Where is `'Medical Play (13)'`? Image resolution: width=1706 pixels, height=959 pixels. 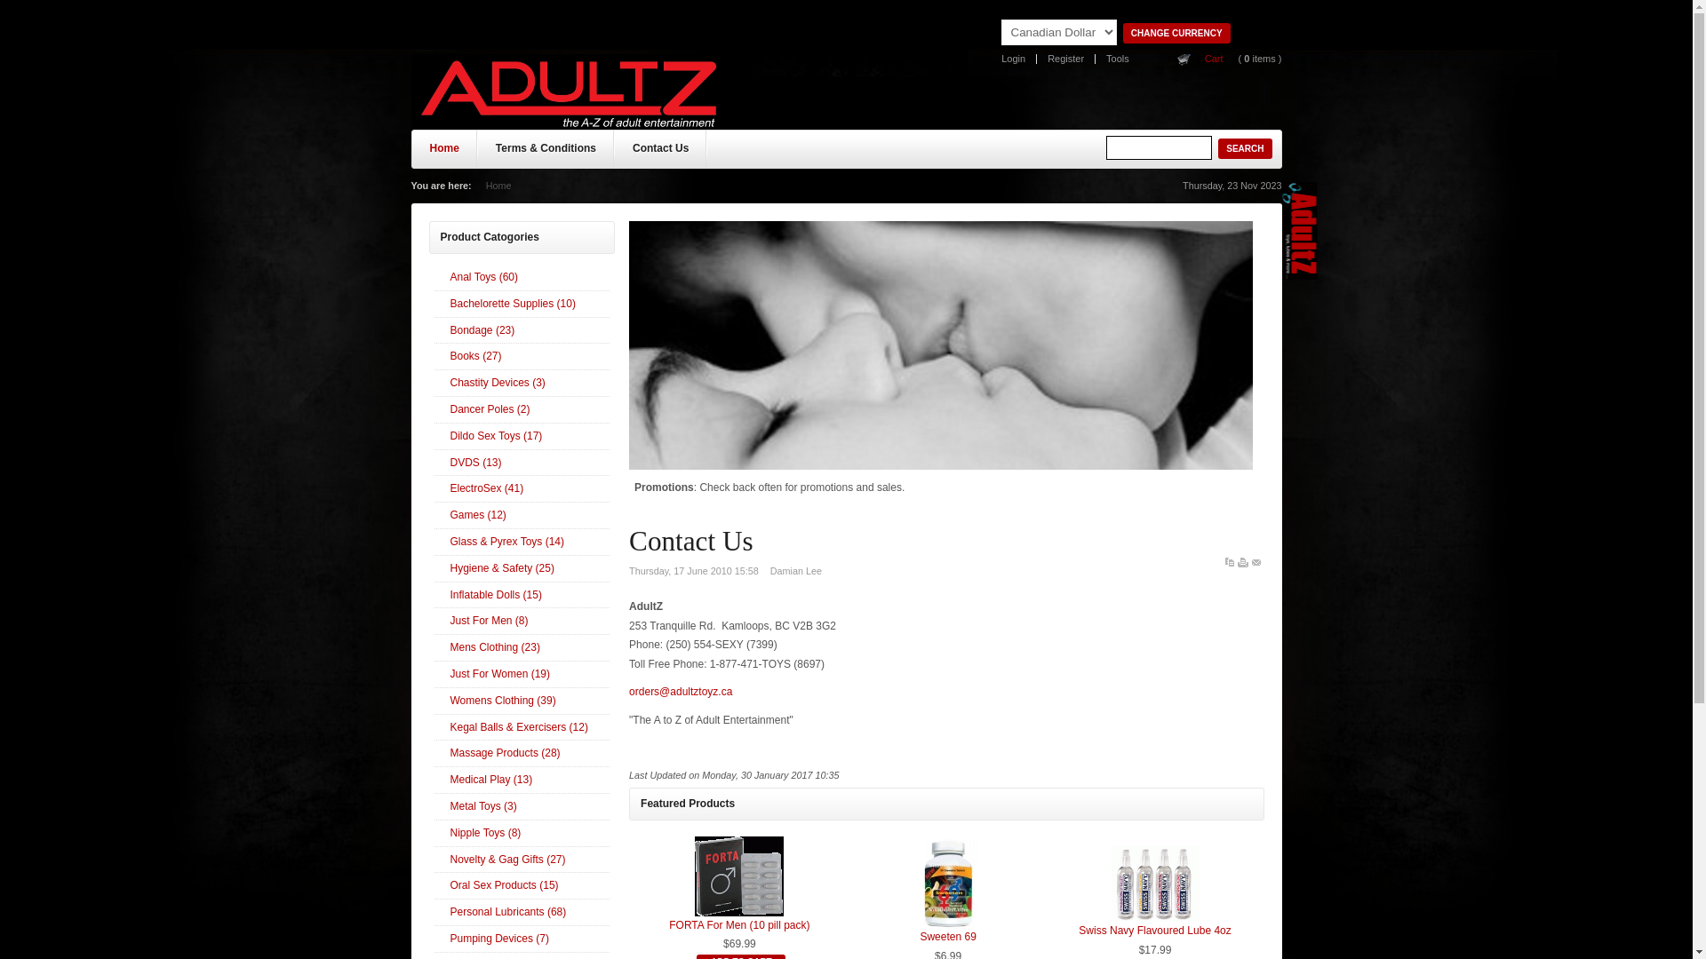
'Medical Play (13)' is located at coordinates (520, 780).